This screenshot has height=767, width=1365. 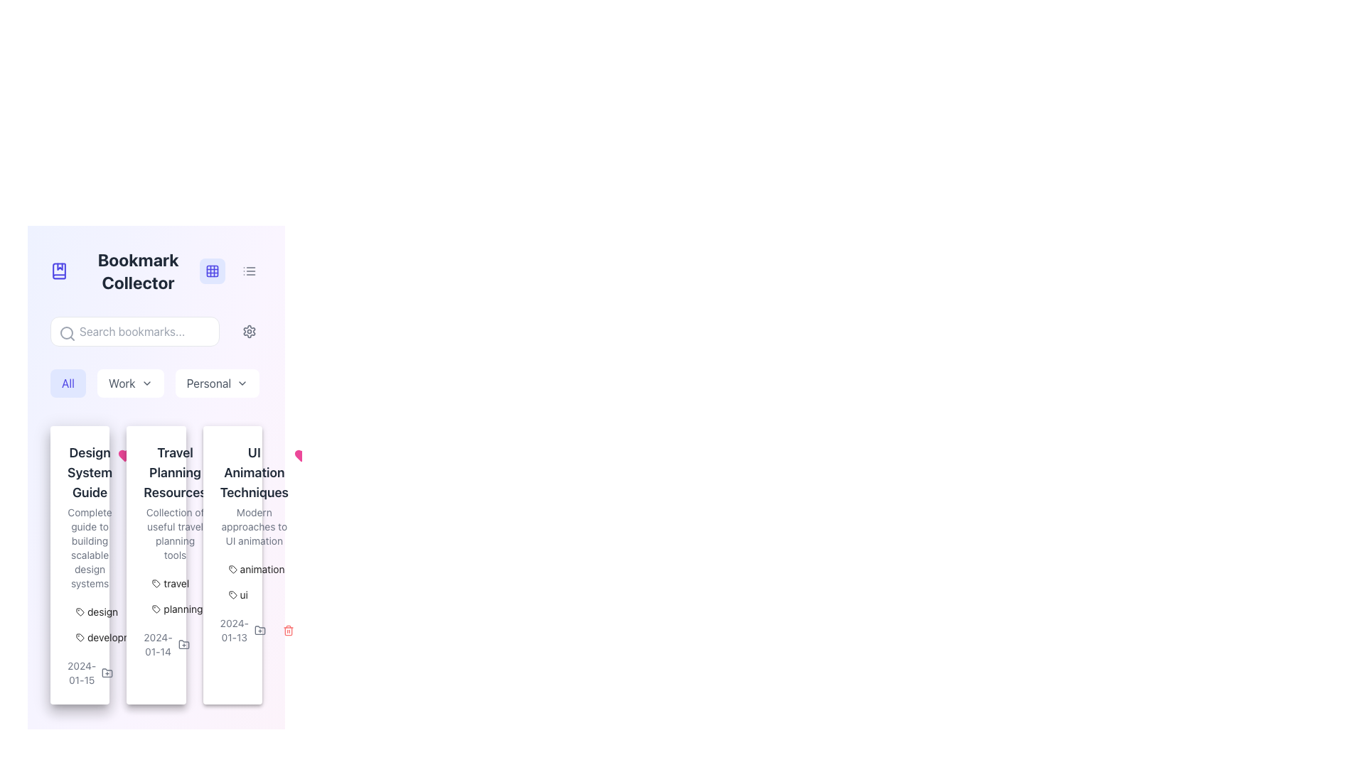 I want to click on the visual identifier icon used for tagging purposes located below the title text of the second card in the vertical scrolling UI, so click(x=156, y=583).